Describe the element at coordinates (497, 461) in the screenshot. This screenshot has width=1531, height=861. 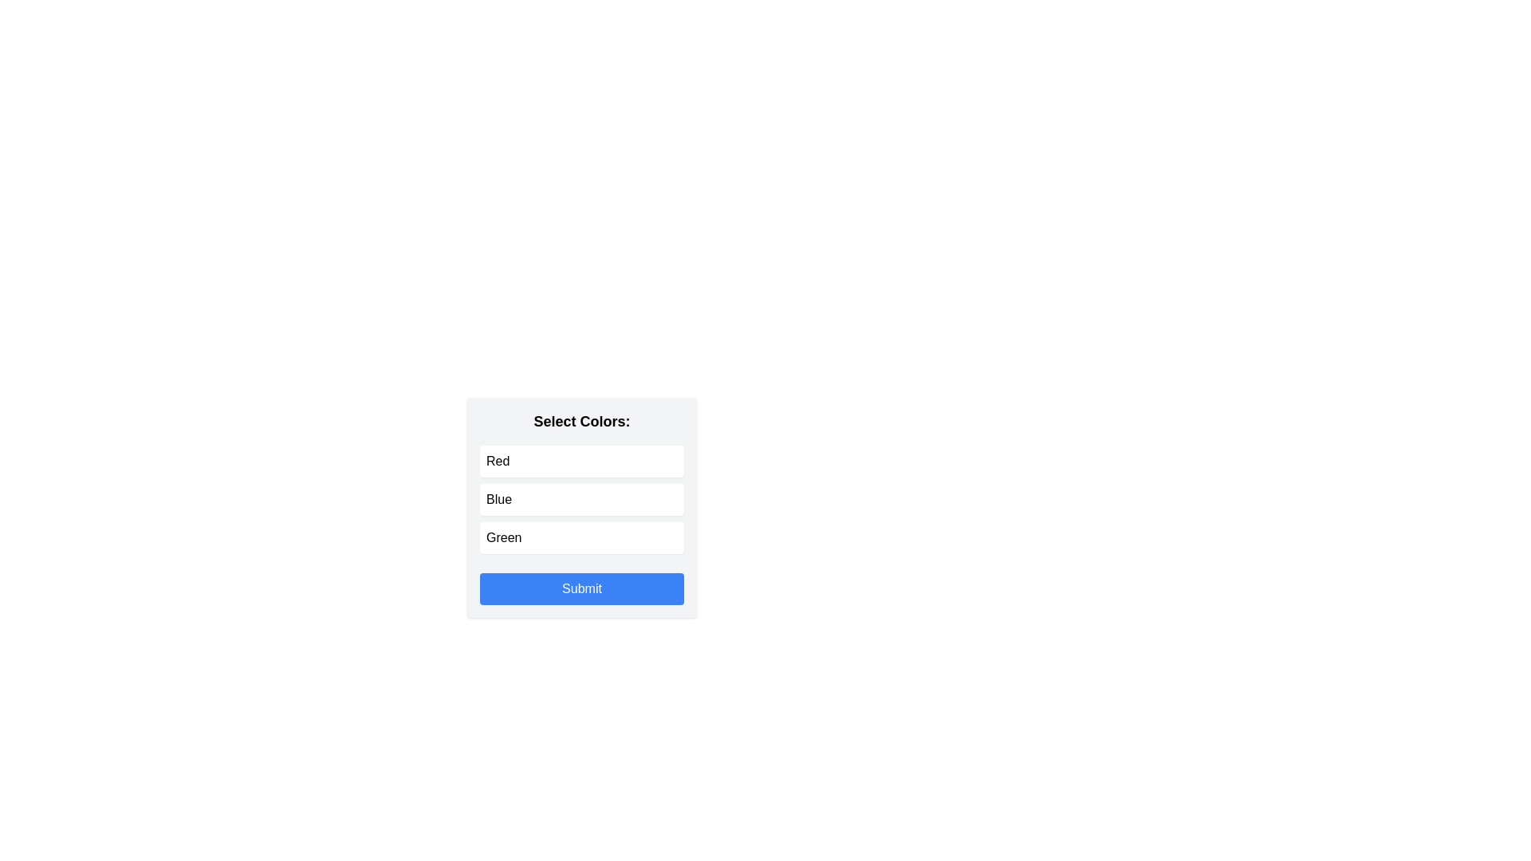
I see `the Label element displaying the text 'Red' in a bold, black font, which is styled to resemble an interactive item and located below the header 'Select Colors:' in a card-style layout` at that location.